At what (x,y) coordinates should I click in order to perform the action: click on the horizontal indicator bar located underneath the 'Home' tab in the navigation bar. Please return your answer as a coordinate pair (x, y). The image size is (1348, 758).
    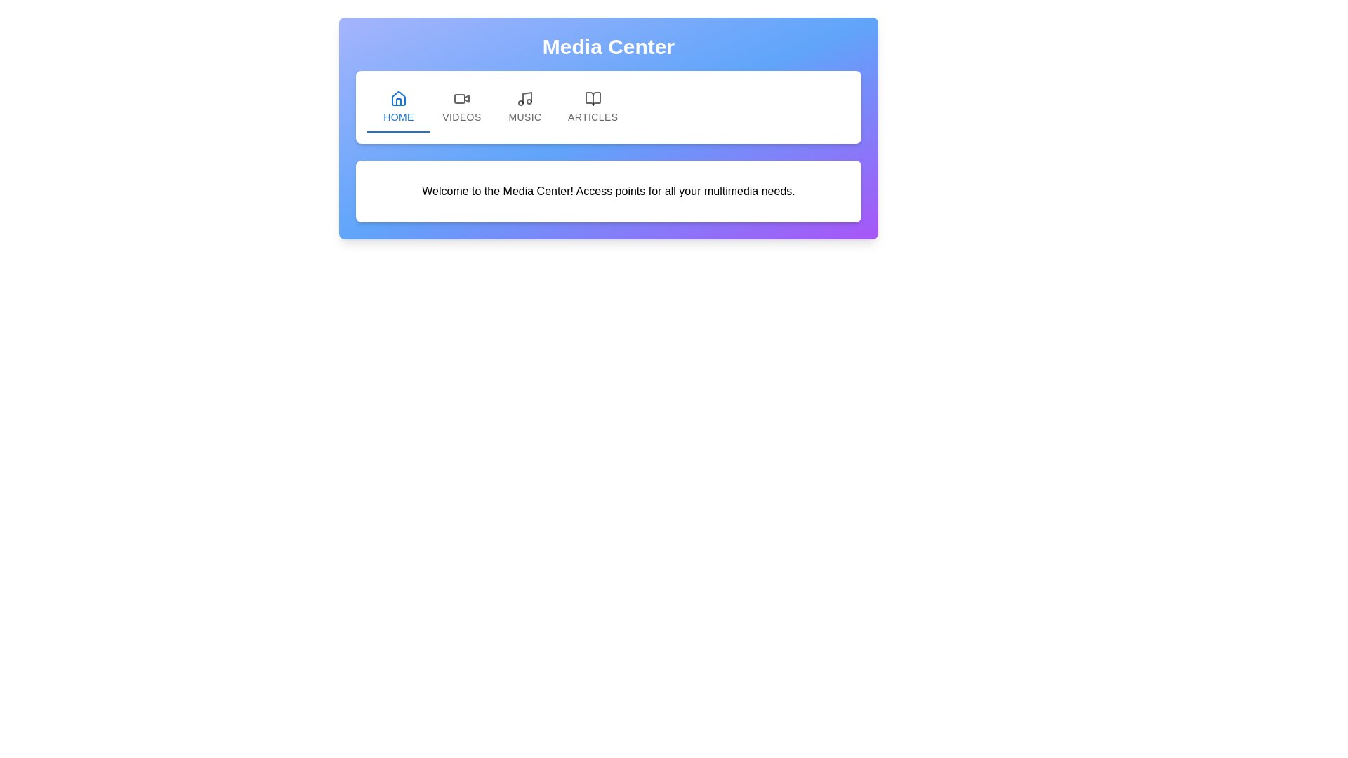
    Looking at the image, I should click on (397, 132).